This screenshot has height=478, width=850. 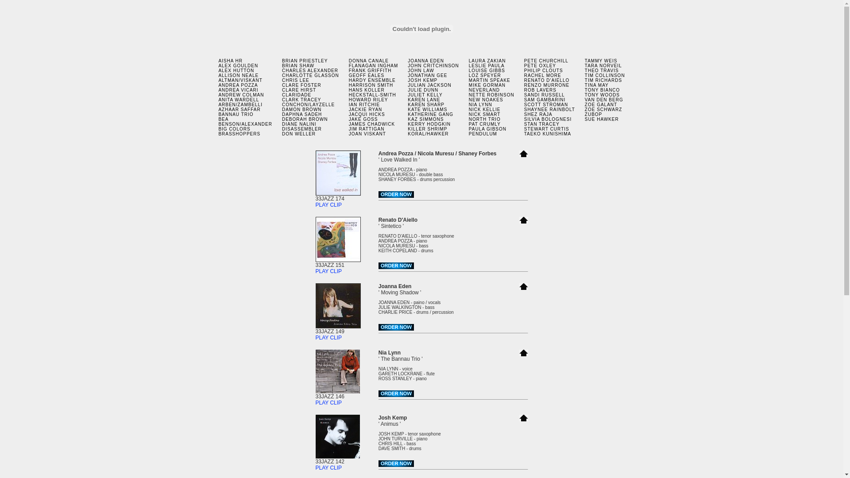 What do you see at coordinates (524, 70) in the screenshot?
I see `'PHILIP CLOUTS'` at bounding box center [524, 70].